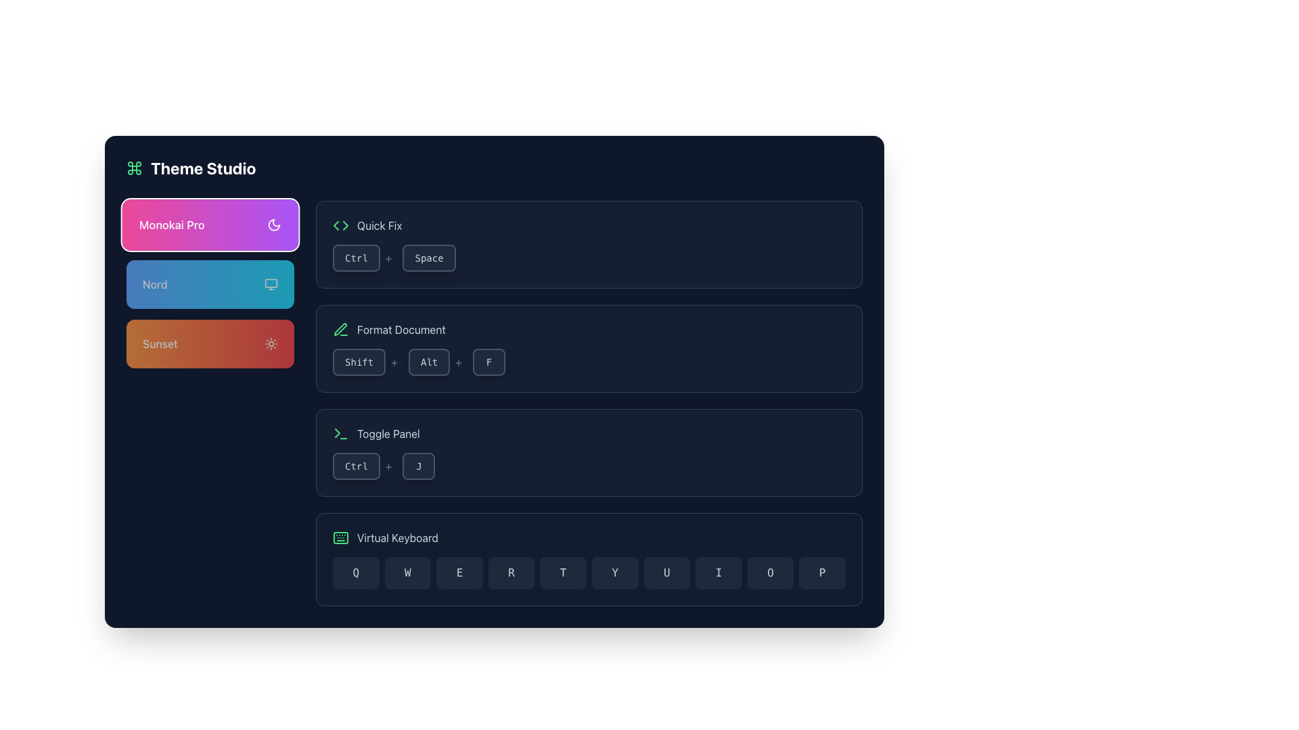 The image size is (1299, 730). What do you see at coordinates (365, 258) in the screenshot?
I see `the 'Ctrl' key representation in the keyboard shortcut display located in the 'Quick Fix' section, which is the first key in the sequence 'Ctrl+'` at bounding box center [365, 258].